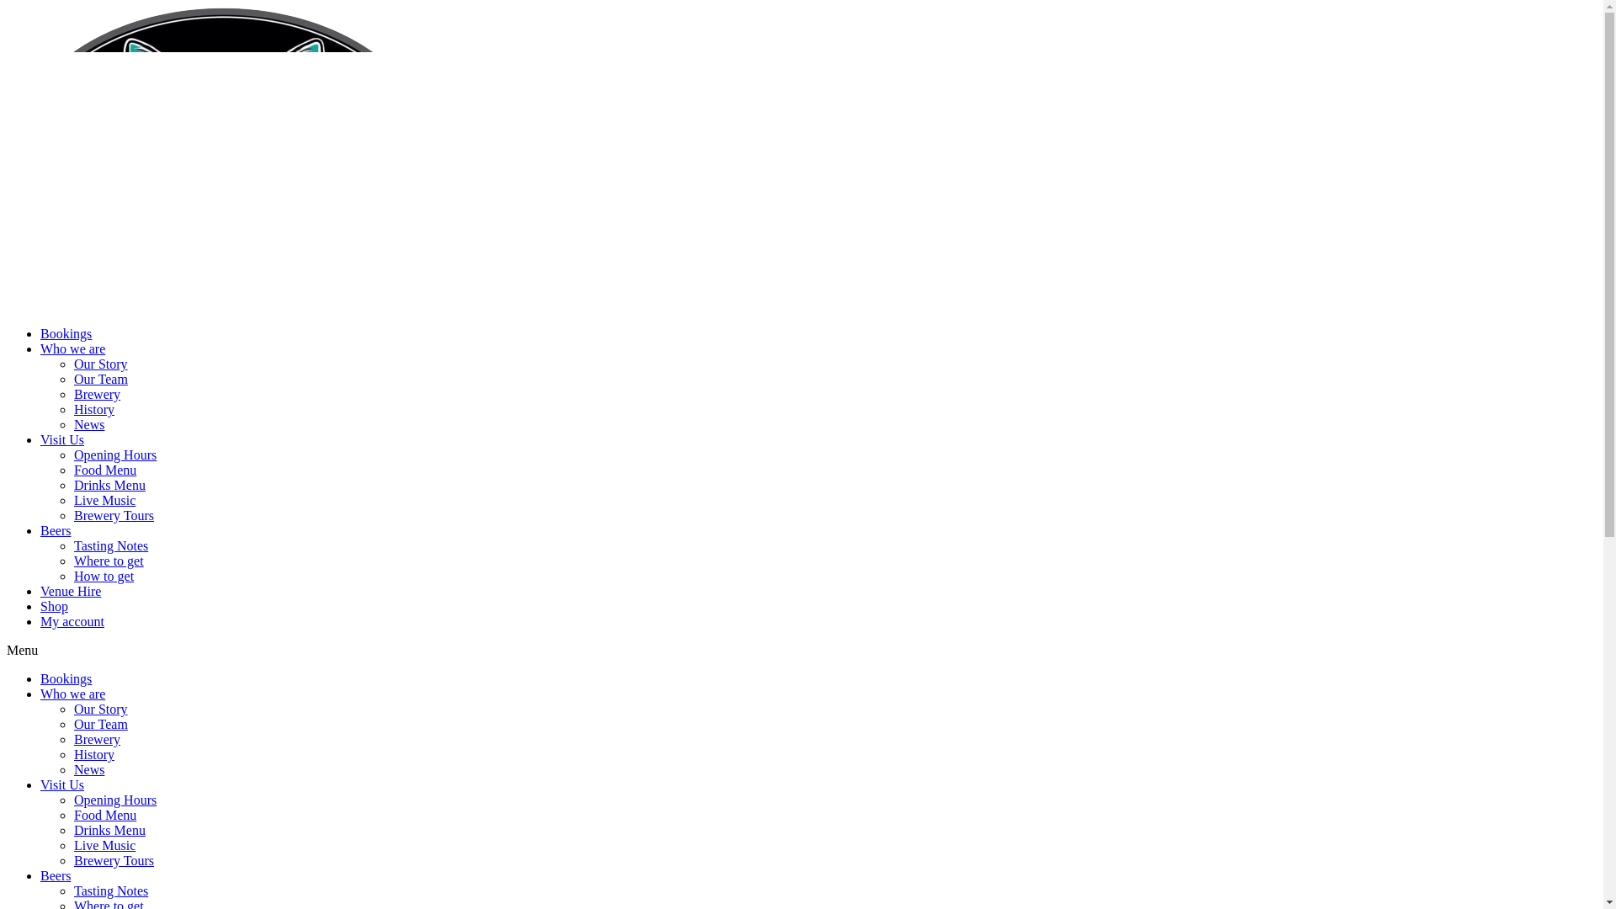  I want to click on 'Live Music', so click(104, 499).